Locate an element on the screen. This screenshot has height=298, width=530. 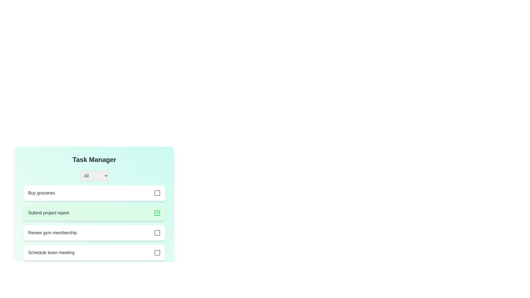
the checkbox of the task titled 'Submit project report' to toggle its completion status is located at coordinates (157, 212).